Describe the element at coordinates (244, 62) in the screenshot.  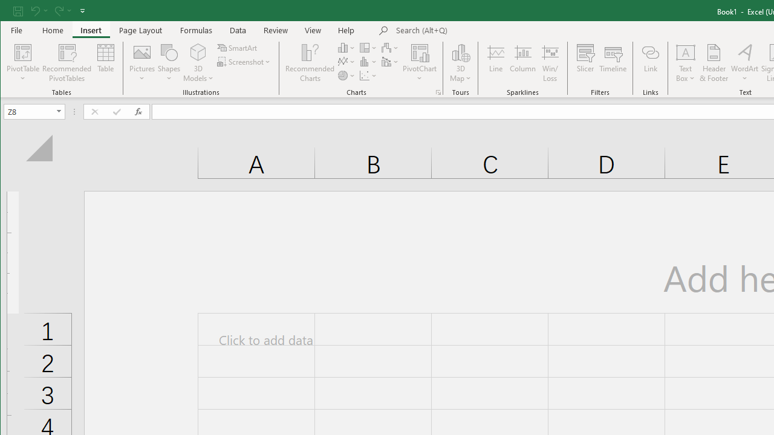
I see `'Screenshot'` at that location.